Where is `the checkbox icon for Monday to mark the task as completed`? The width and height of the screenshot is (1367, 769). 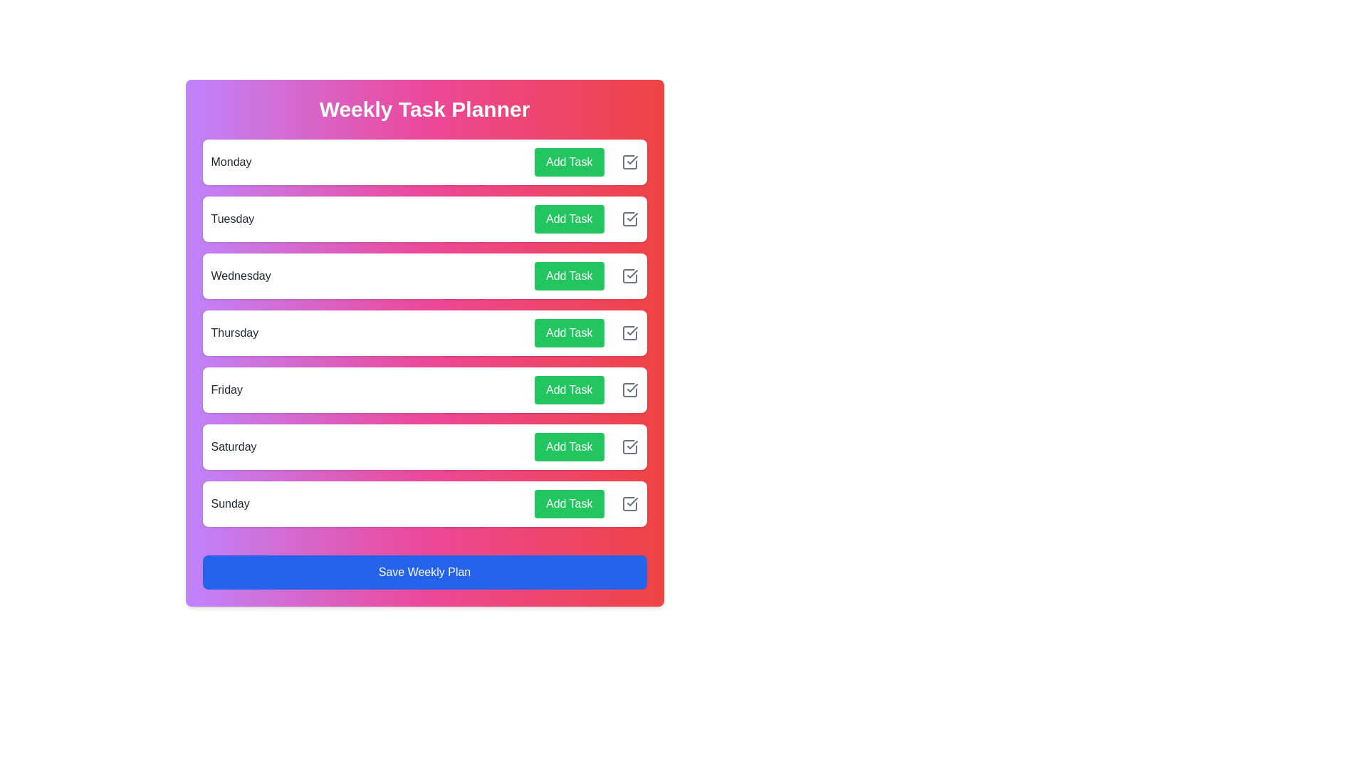 the checkbox icon for Monday to mark the task as completed is located at coordinates (629, 161).